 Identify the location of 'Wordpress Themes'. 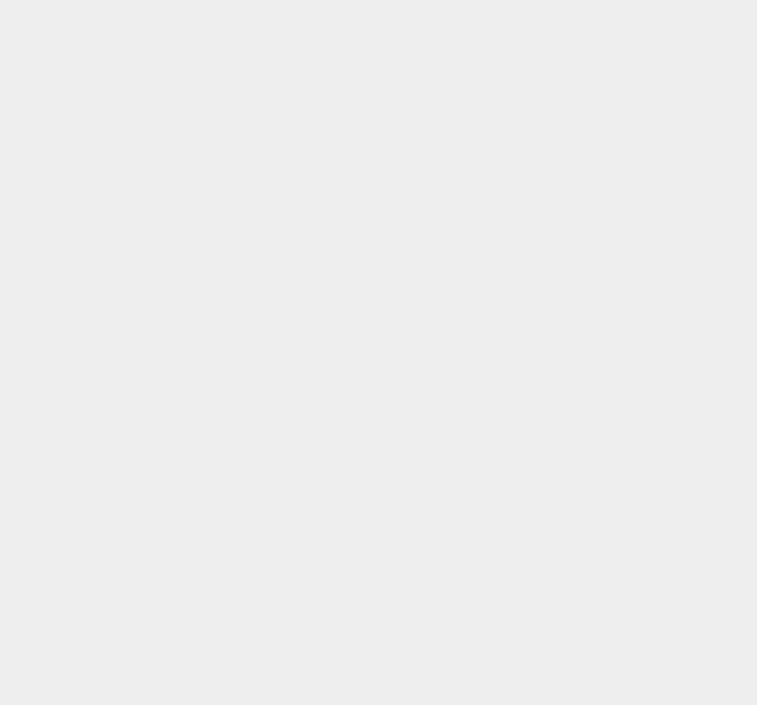
(574, 390).